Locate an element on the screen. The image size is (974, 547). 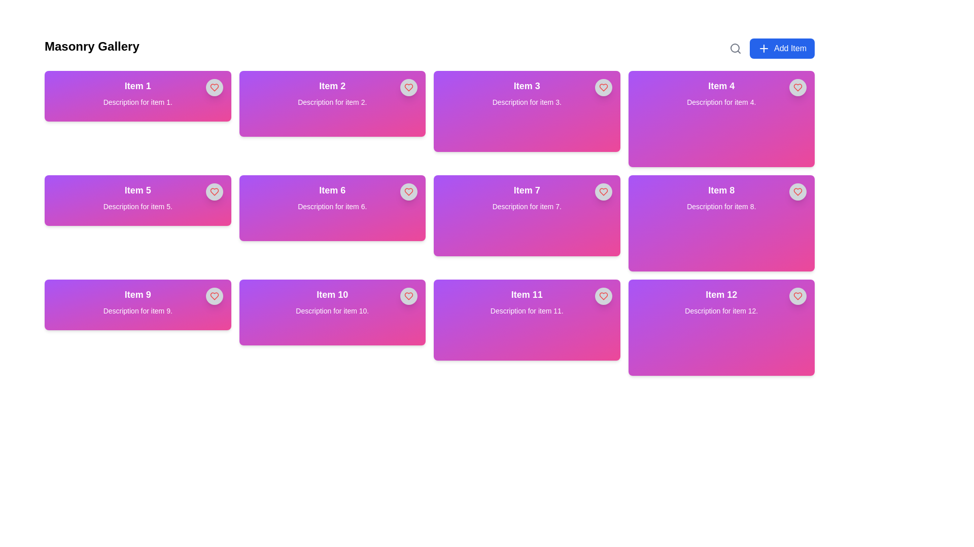
the card element that represents an item in a list, located on the bottom row of the masonry grid layout, second is located at coordinates (527, 320).